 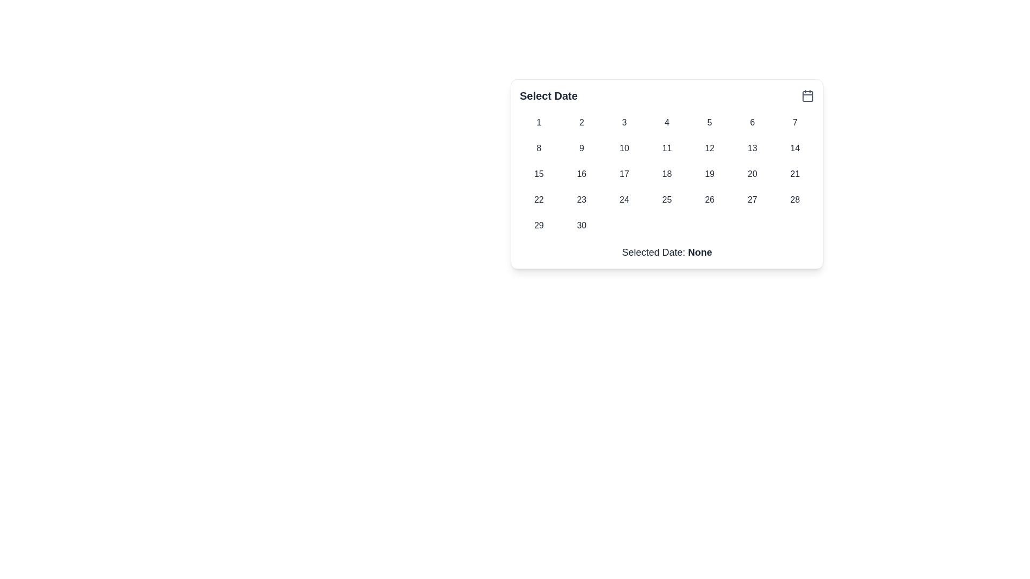 I want to click on the text label 'None' which is styled in bold font and located at the end of the sentence 'Selected Date:' in the date picker dialog box, so click(x=700, y=252).